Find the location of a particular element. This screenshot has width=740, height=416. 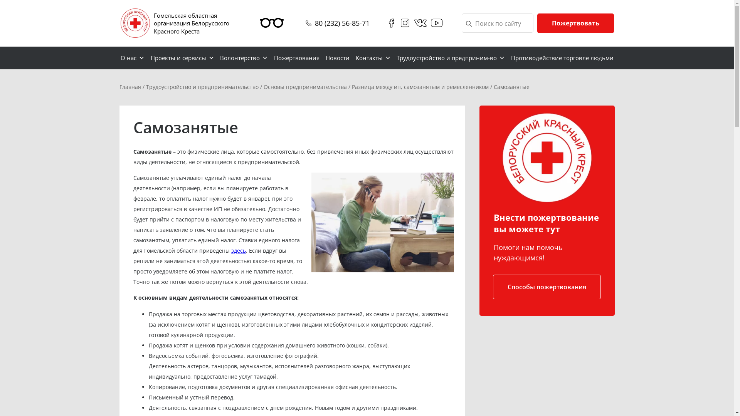

'80 (232) 56-85-71' is located at coordinates (341, 23).